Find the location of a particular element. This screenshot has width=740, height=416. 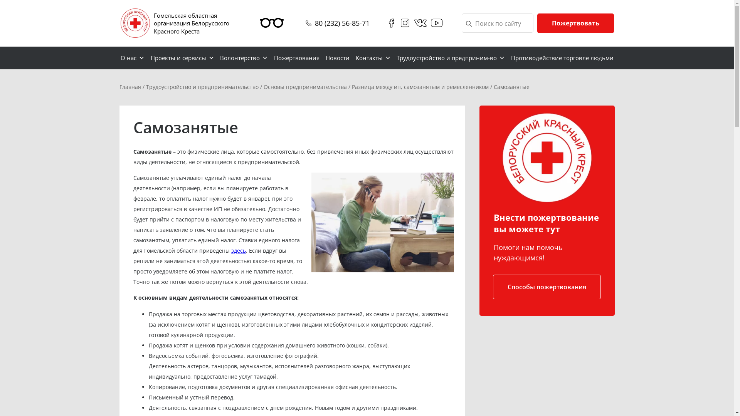

'80 (232) 56-85-71' is located at coordinates (341, 23).